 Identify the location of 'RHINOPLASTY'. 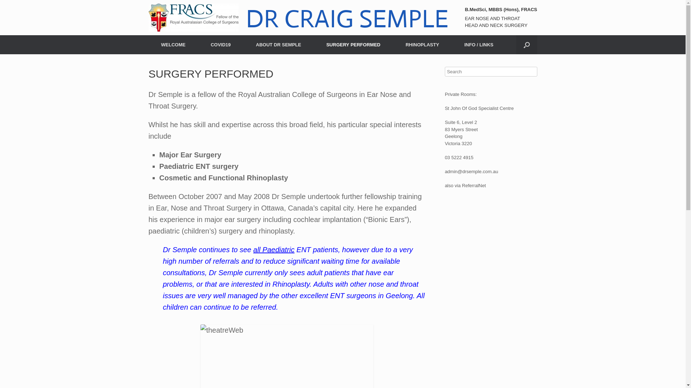
(422, 45).